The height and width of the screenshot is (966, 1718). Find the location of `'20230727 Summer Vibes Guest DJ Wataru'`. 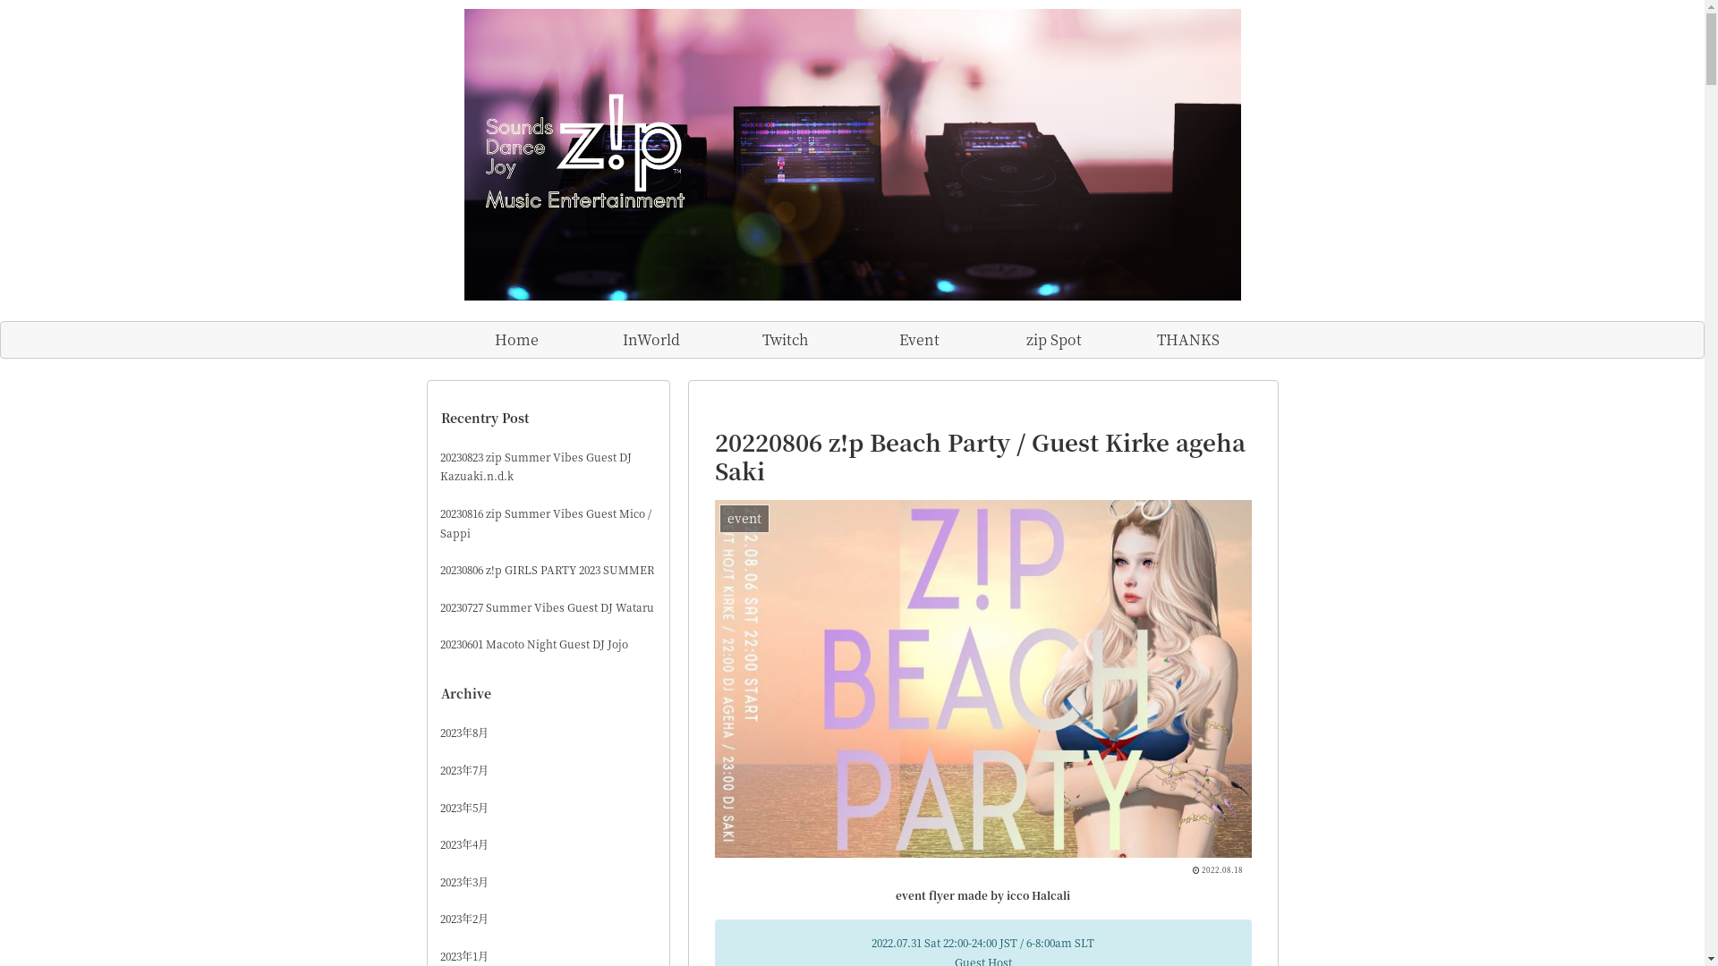

'20230727 Summer Vibes Guest DJ Wataru' is located at coordinates (548, 606).